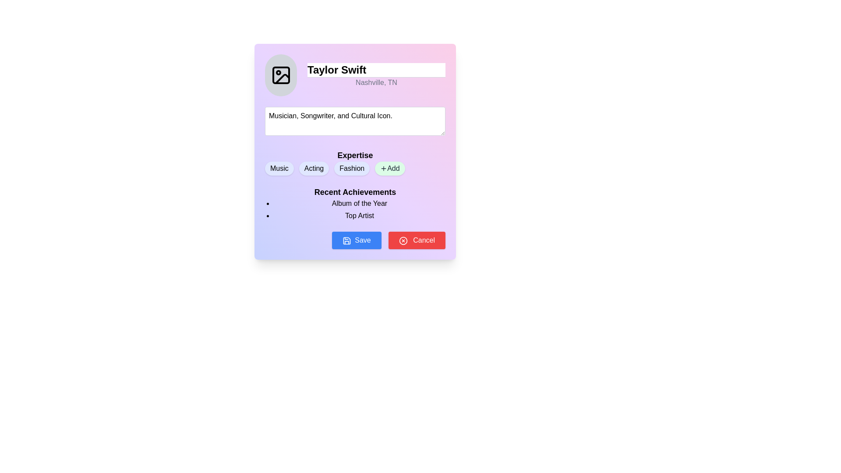 This screenshot has width=841, height=473. I want to click on the plus sign icon within the 'Add' button, located on the rightmost side of the expertise options row, to initiate an adding action, so click(384, 169).